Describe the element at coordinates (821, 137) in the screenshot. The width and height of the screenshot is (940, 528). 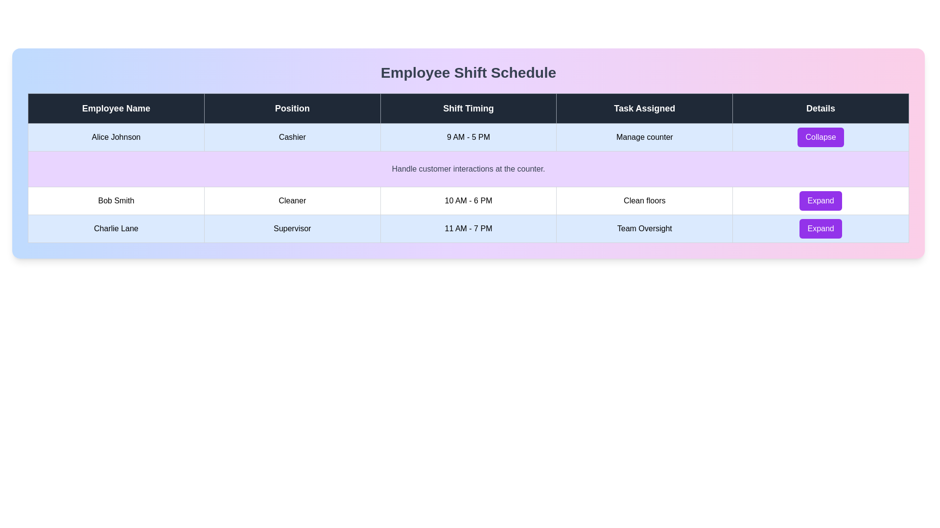
I see `the 'Collapse' button with a purple background and white text in the employee shift schedule for accessibility interactions` at that location.